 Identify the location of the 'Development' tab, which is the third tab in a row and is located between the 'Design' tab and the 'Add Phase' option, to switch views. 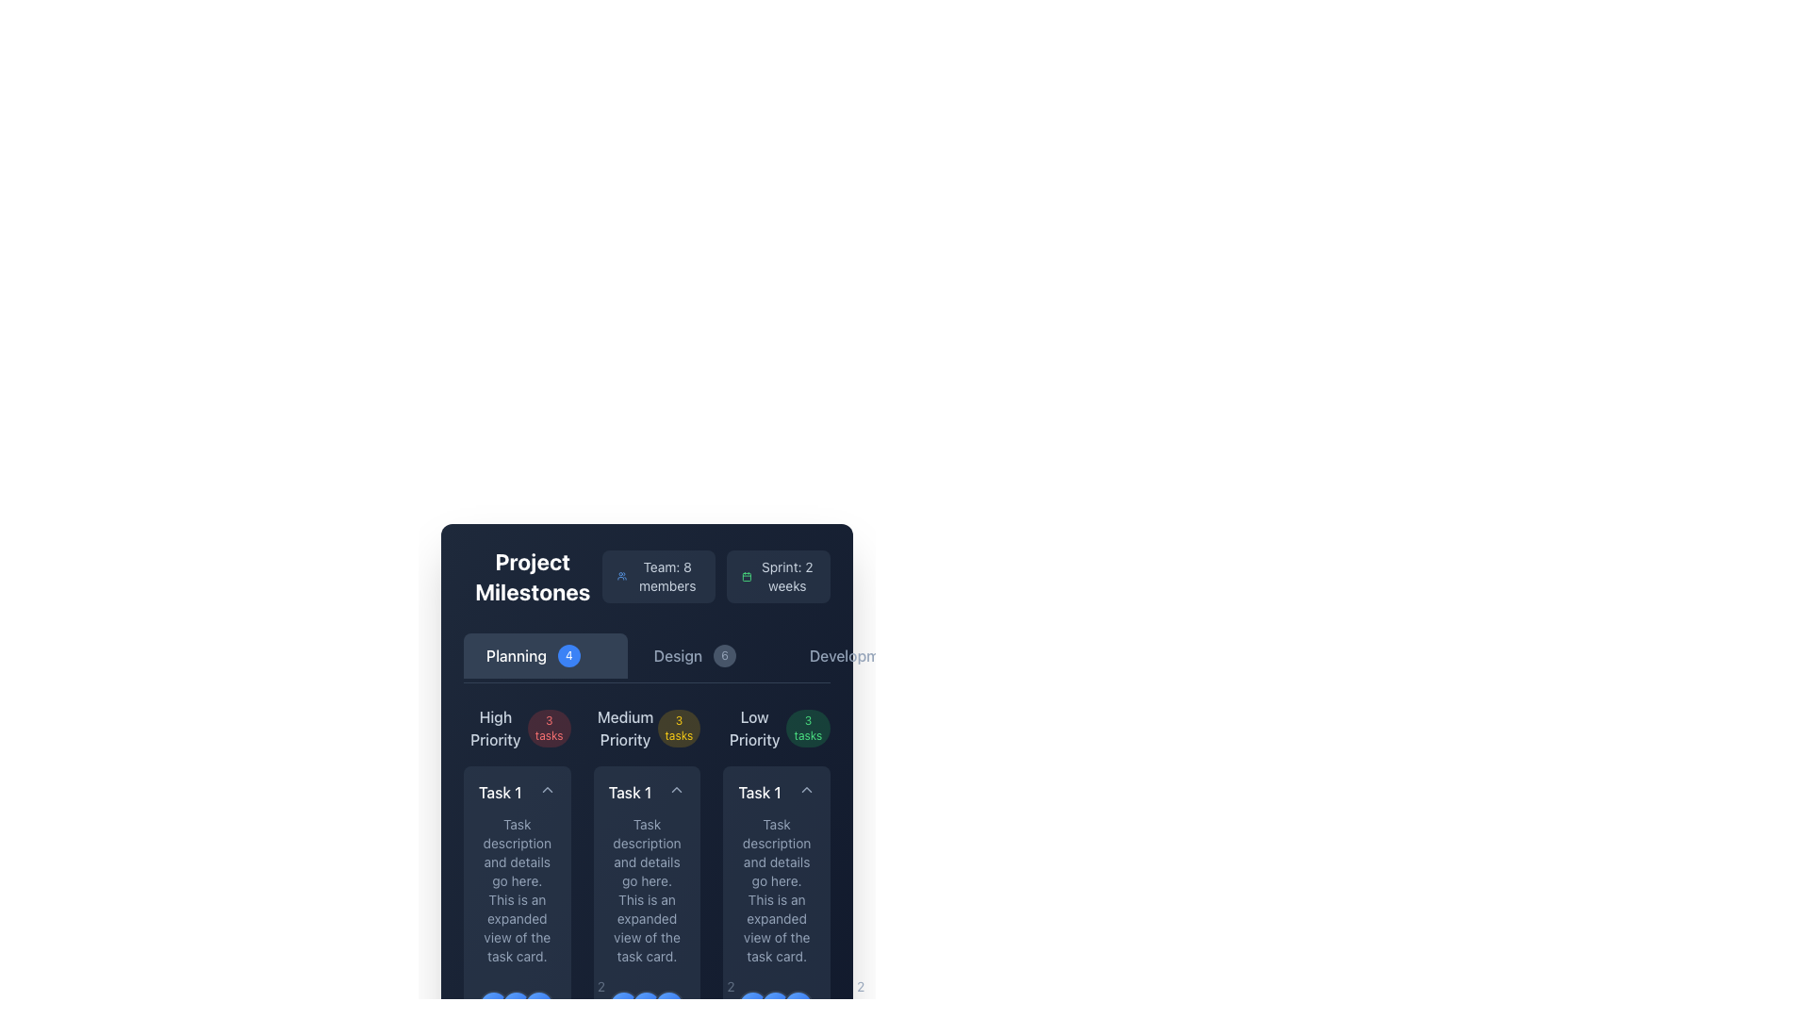
(882, 654).